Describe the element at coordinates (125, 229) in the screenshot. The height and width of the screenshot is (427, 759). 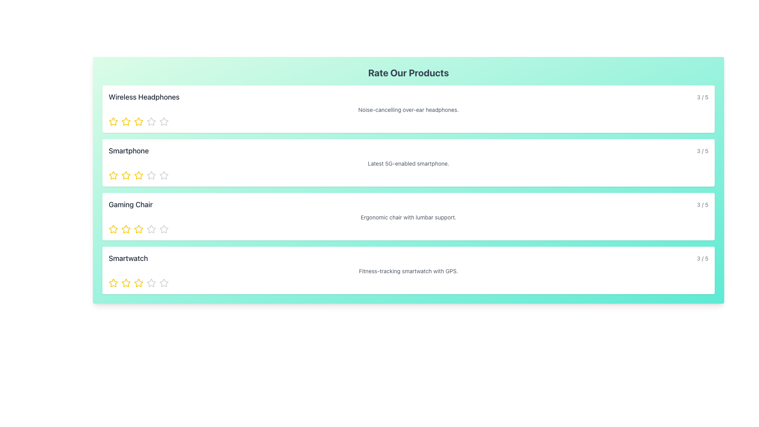
I see `the first Rating Star for the 'Gaming Chair' item to rate it` at that location.